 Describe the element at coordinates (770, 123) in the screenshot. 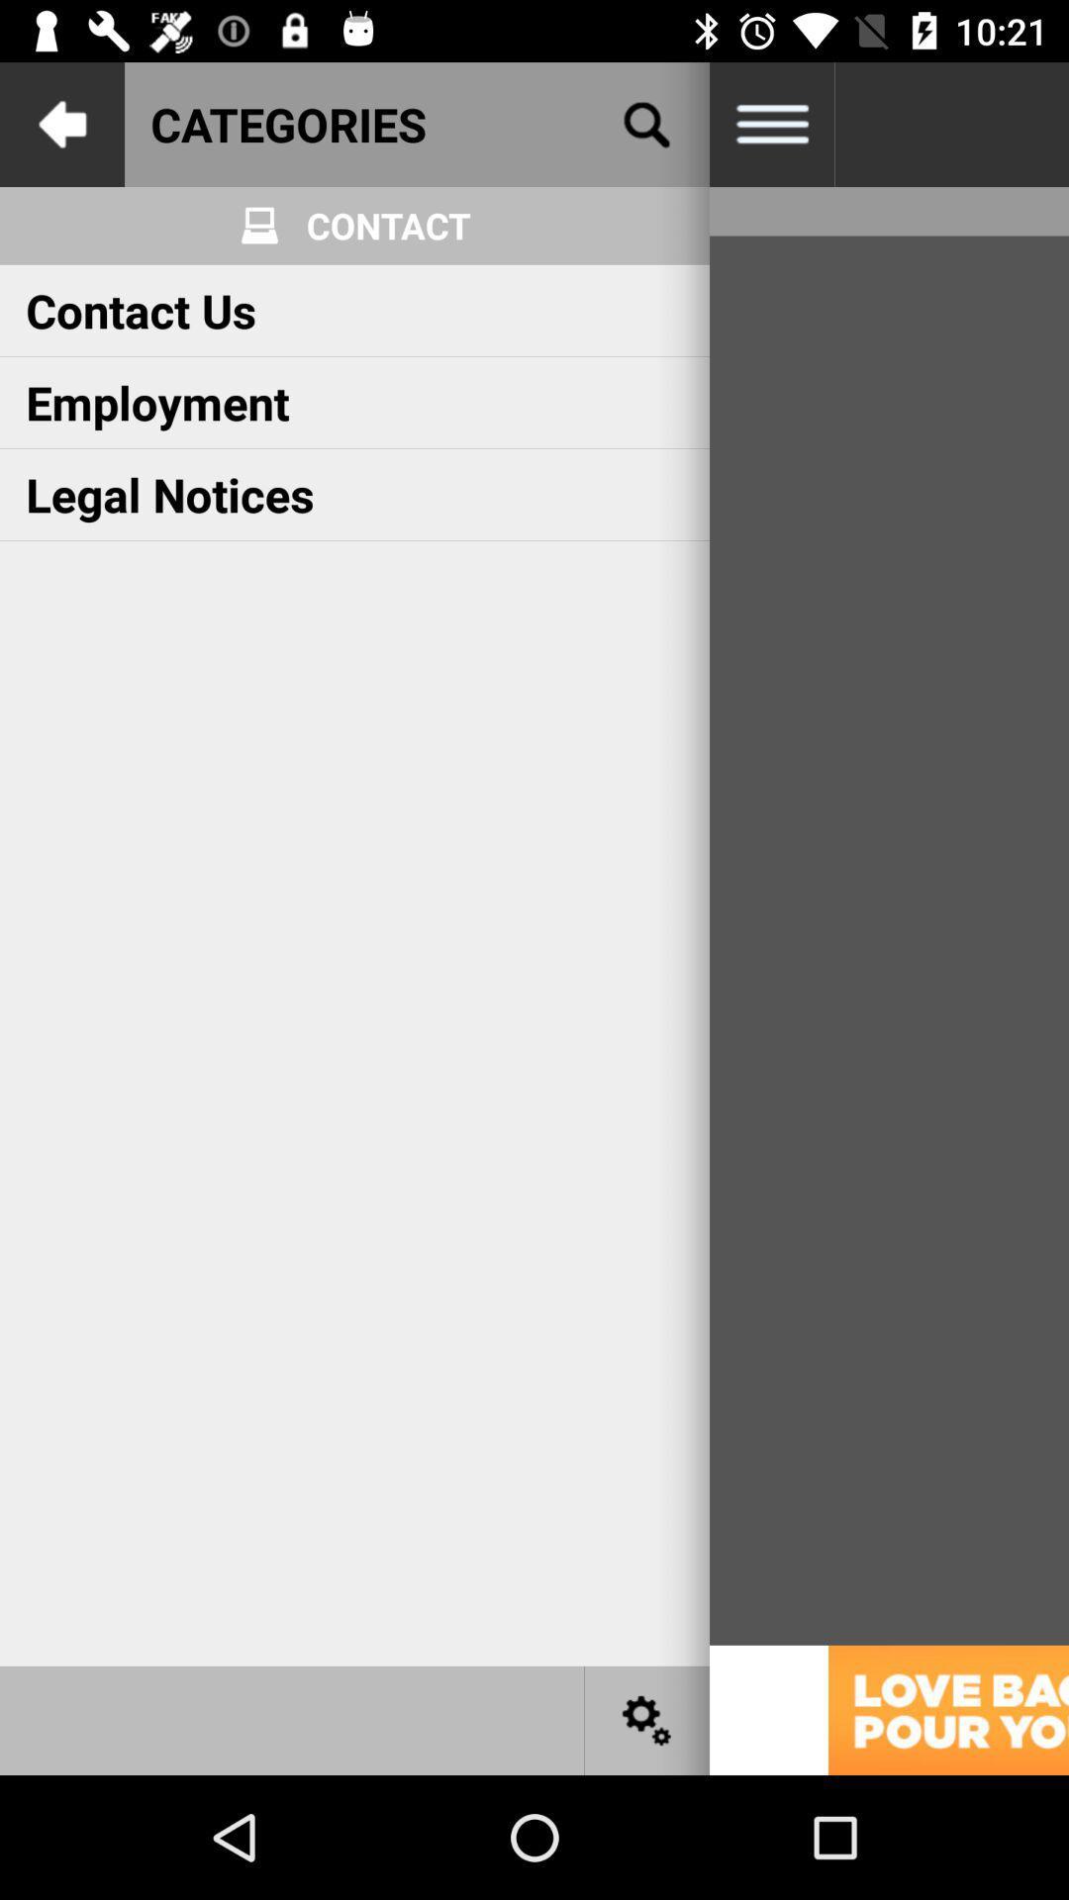

I see `the menu icon` at that location.